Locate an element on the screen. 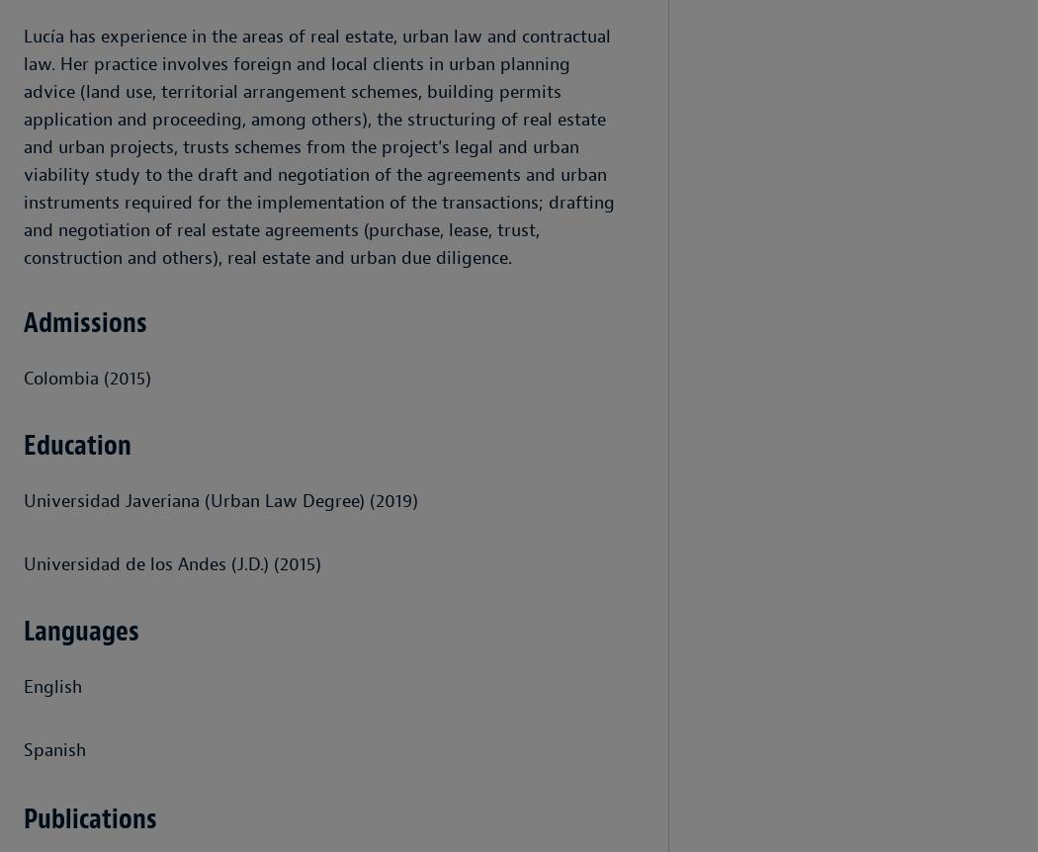 Image resolution: width=1038 pixels, height=852 pixels. 'Publications' is located at coordinates (90, 817).